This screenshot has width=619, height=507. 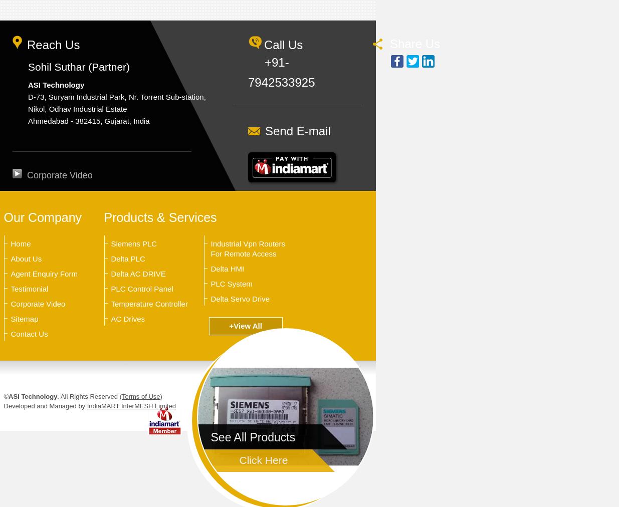 What do you see at coordinates (160, 396) in the screenshot?
I see `')'` at bounding box center [160, 396].